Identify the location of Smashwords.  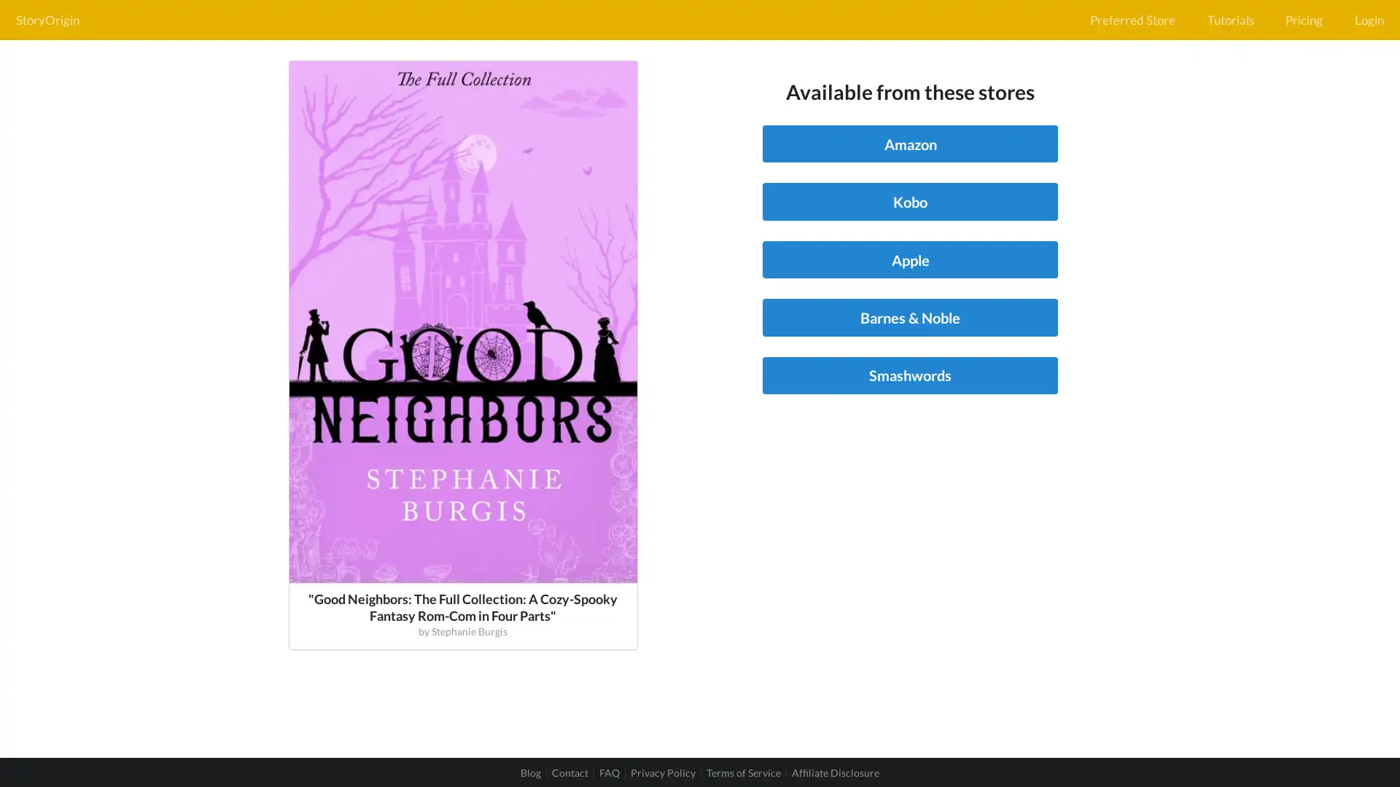
(909, 375).